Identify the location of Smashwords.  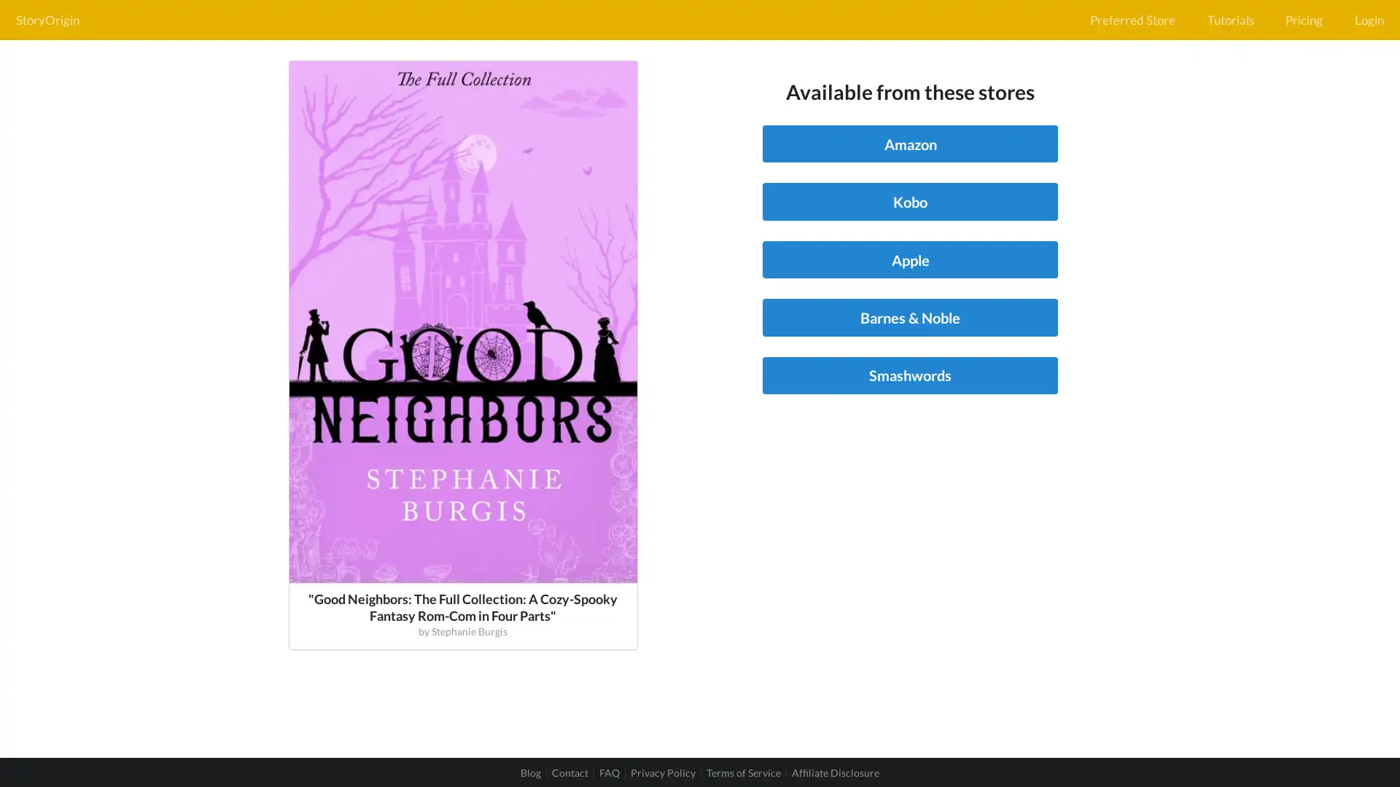
(909, 375).